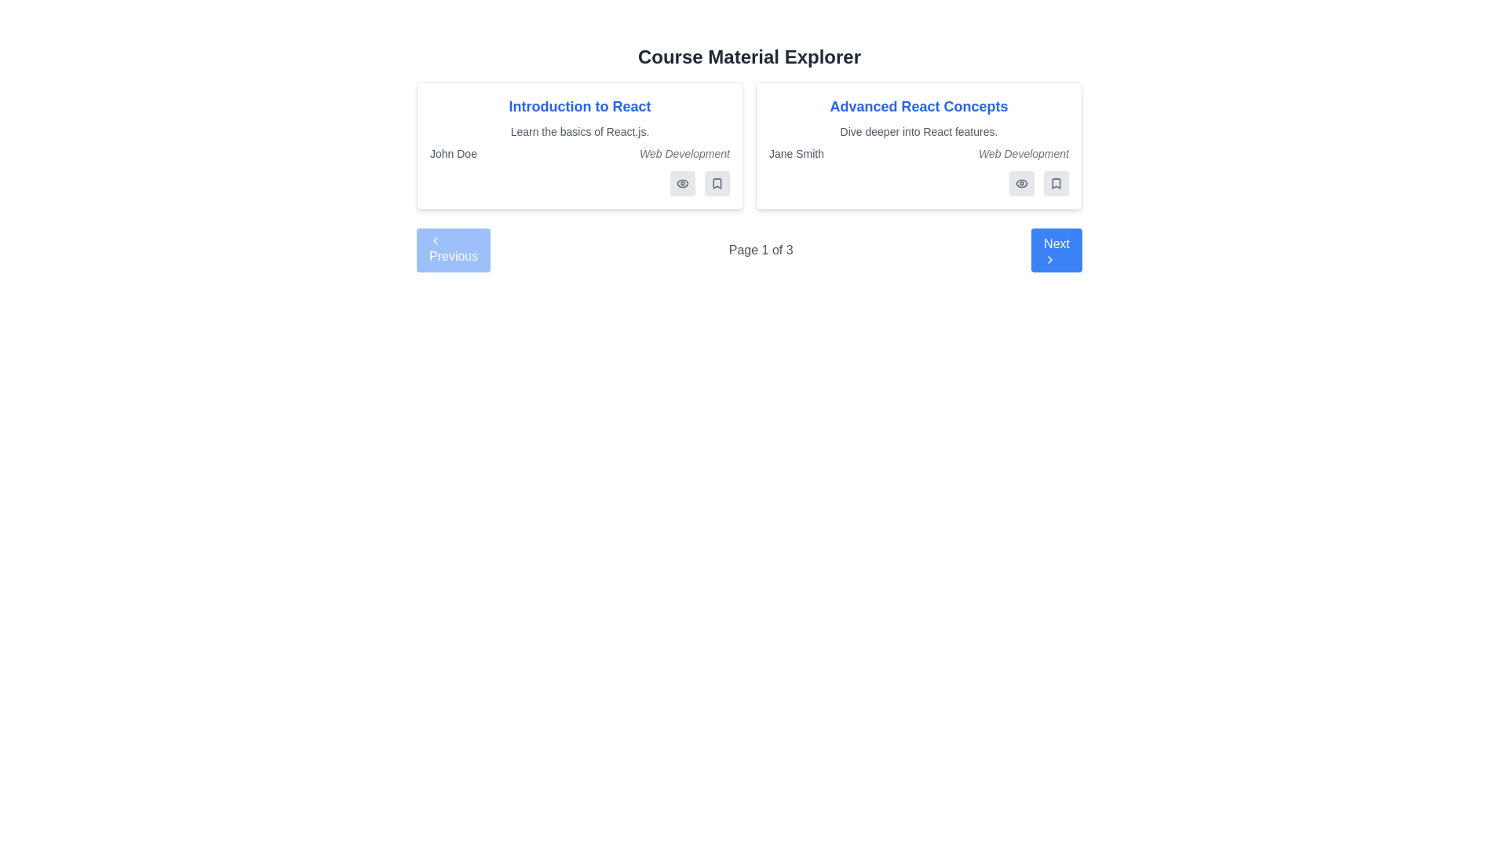 This screenshot has width=1507, height=848. Describe the element at coordinates (919, 131) in the screenshot. I see `the text label located in the middle portion of the right card labeled 'Advanced React Concepts', which serves as a brief explanatory subtitle and is the second line of textual information` at that location.